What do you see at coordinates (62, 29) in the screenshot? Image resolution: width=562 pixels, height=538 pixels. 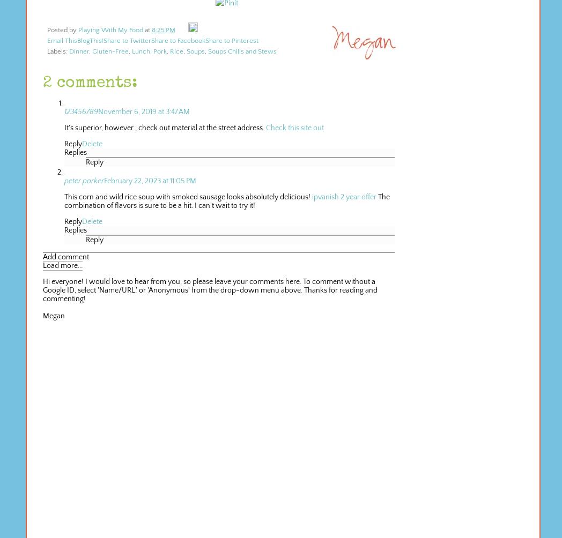 I see `'Posted by'` at bounding box center [62, 29].